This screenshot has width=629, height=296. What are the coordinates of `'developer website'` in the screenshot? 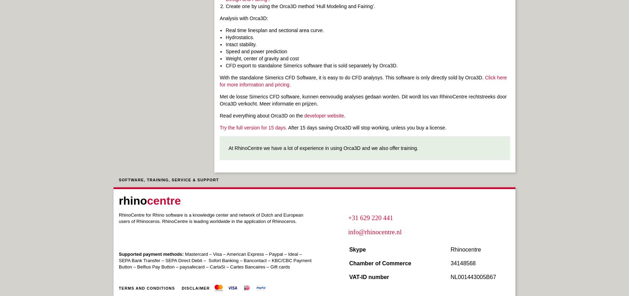 It's located at (324, 115).